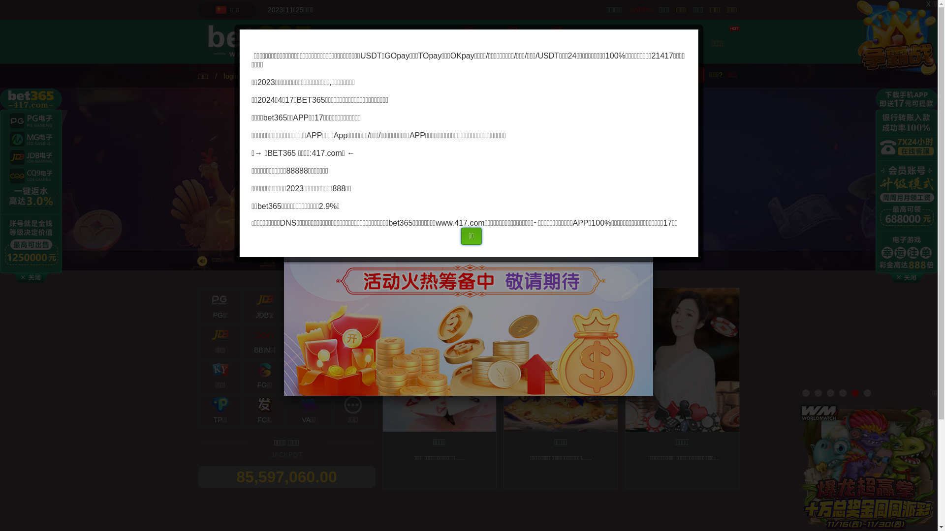 The height and width of the screenshot is (531, 945). What do you see at coordinates (854, 392) in the screenshot?
I see `'5'` at bounding box center [854, 392].